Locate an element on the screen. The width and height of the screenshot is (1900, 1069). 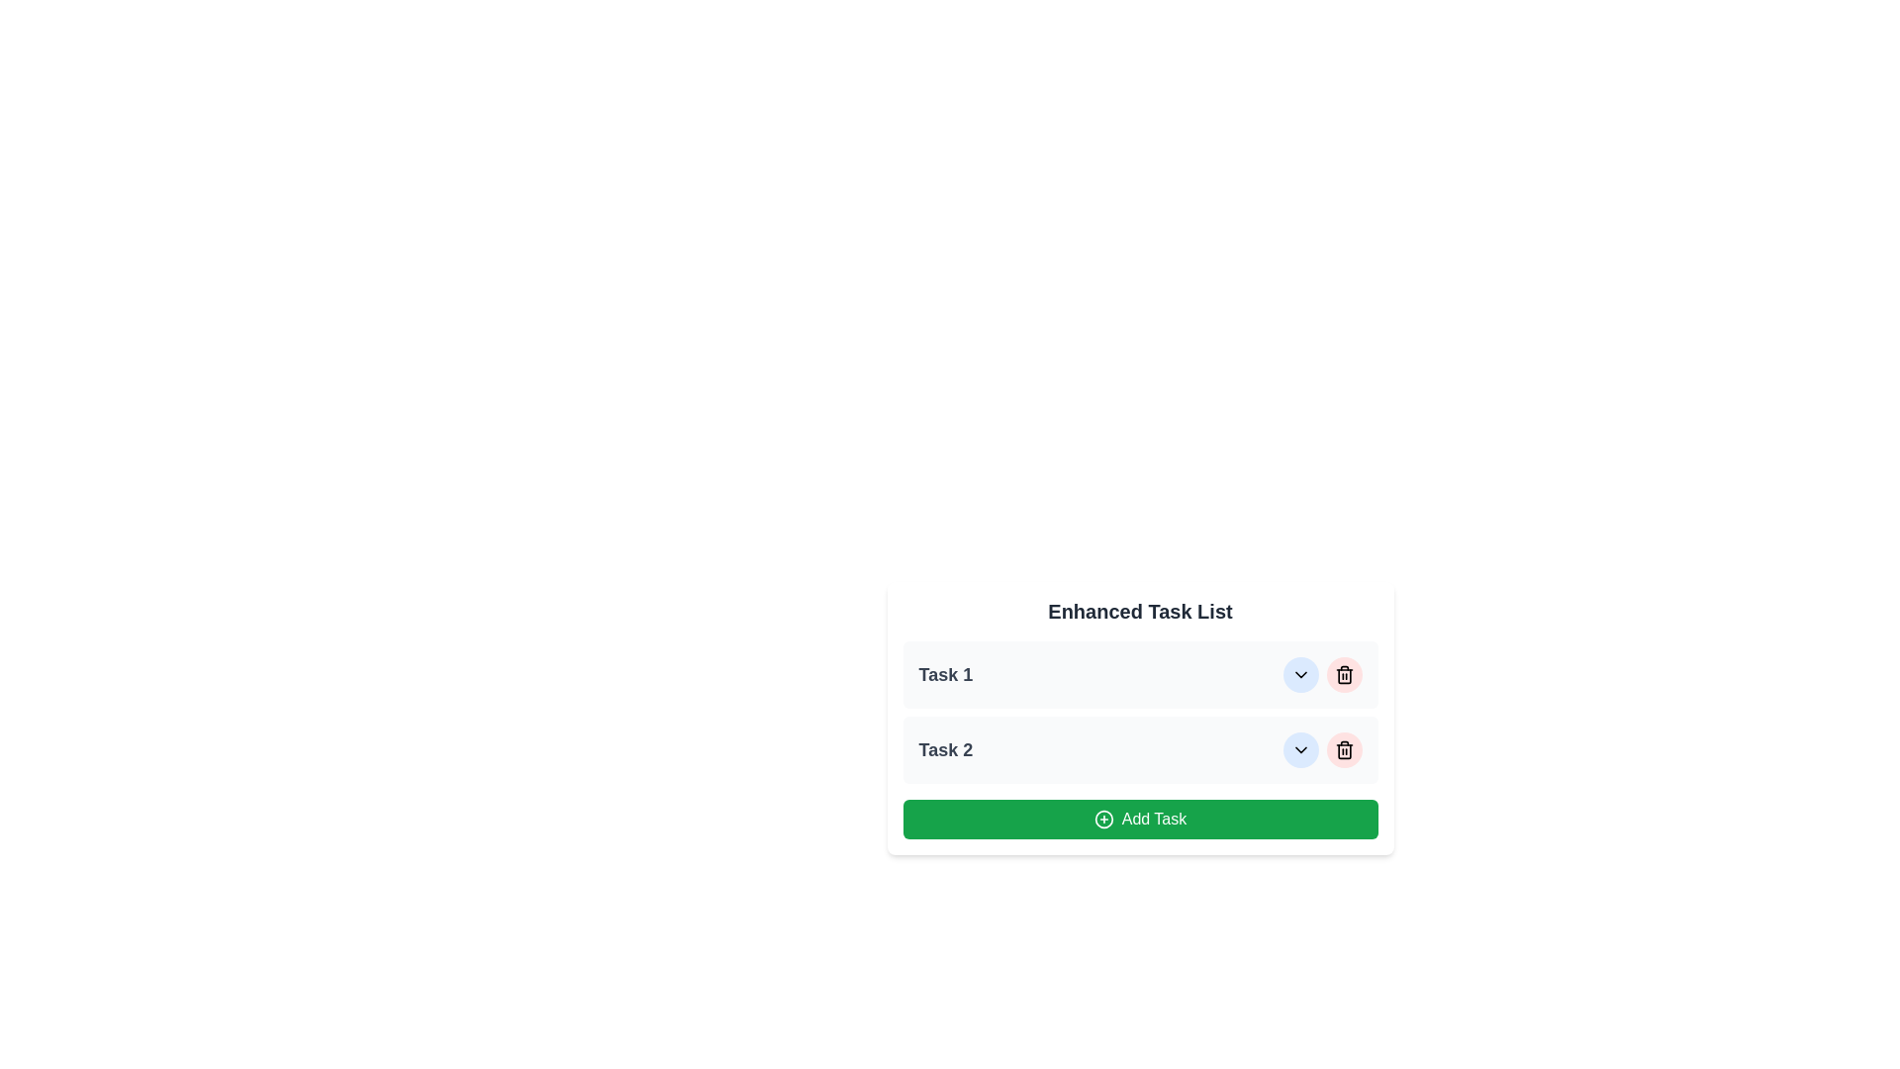
the Dropdown toggle icon, which is a small downward arrow inside a circular button with a light blue background, located to the right of the 'Task 1' label is located at coordinates (1300, 674).